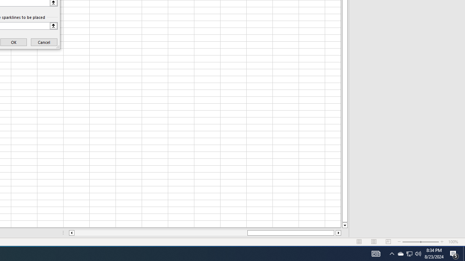 Image resolution: width=465 pixels, height=261 pixels. Describe the element at coordinates (160, 233) in the screenshot. I see `'Page left'` at that location.